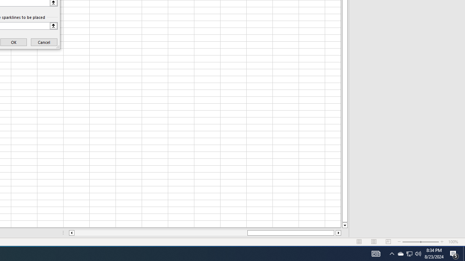 Image resolution: width=465 pixels, height=261 pixels. Describe the element at coordinates (160, 233) in the screenshot. I see `'Page left'` at that location.